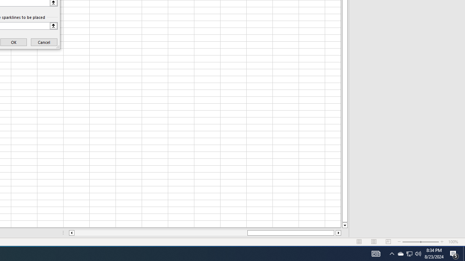 Image resolution: width=465 pixels, height=261 pixels. Describe the element at coordinates (160, 233) in the screenshot. I see `'Page left'` at that location.